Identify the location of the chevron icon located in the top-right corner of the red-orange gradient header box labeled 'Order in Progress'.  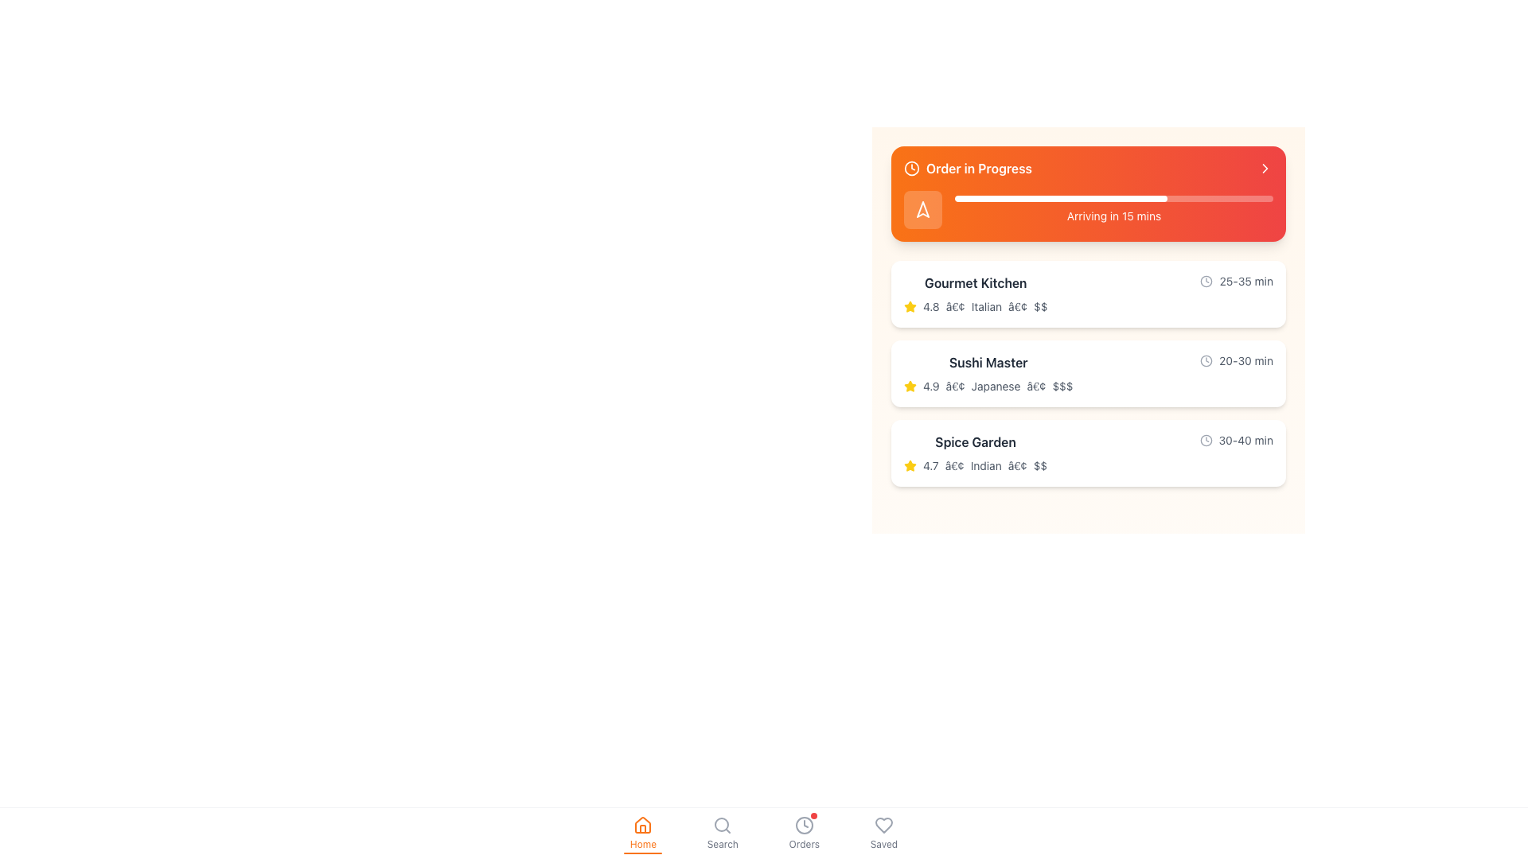
(1264, 169).